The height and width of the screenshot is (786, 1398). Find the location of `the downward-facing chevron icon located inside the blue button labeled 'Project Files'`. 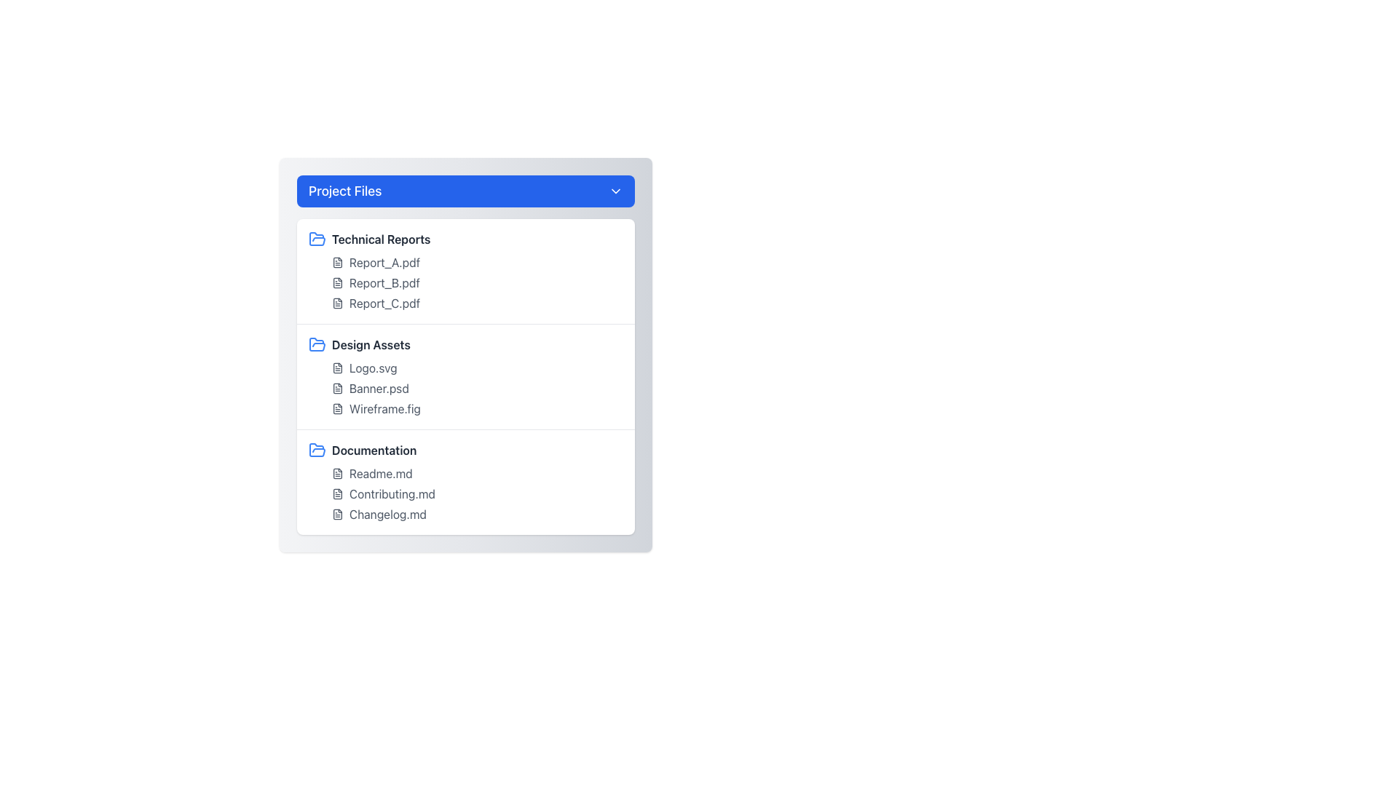

the downward-facing chevron icon located inside the blue button labeled 'Project Files' is located at coordinates (615, 190).